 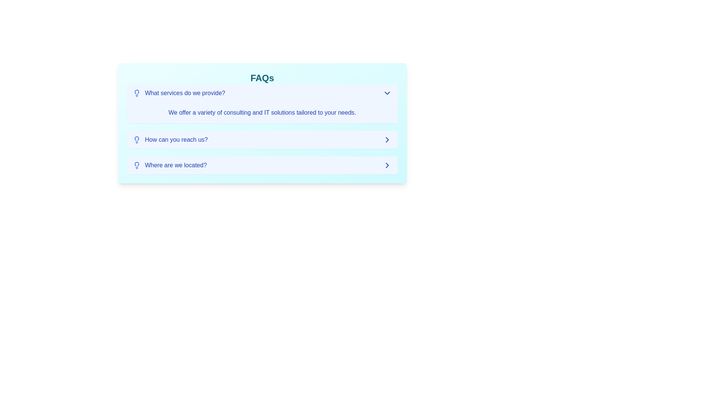 I want to click on the text block displaying the question 'Where are we located?' next to the blue lightbulb icon, so click(x=169, y=165).